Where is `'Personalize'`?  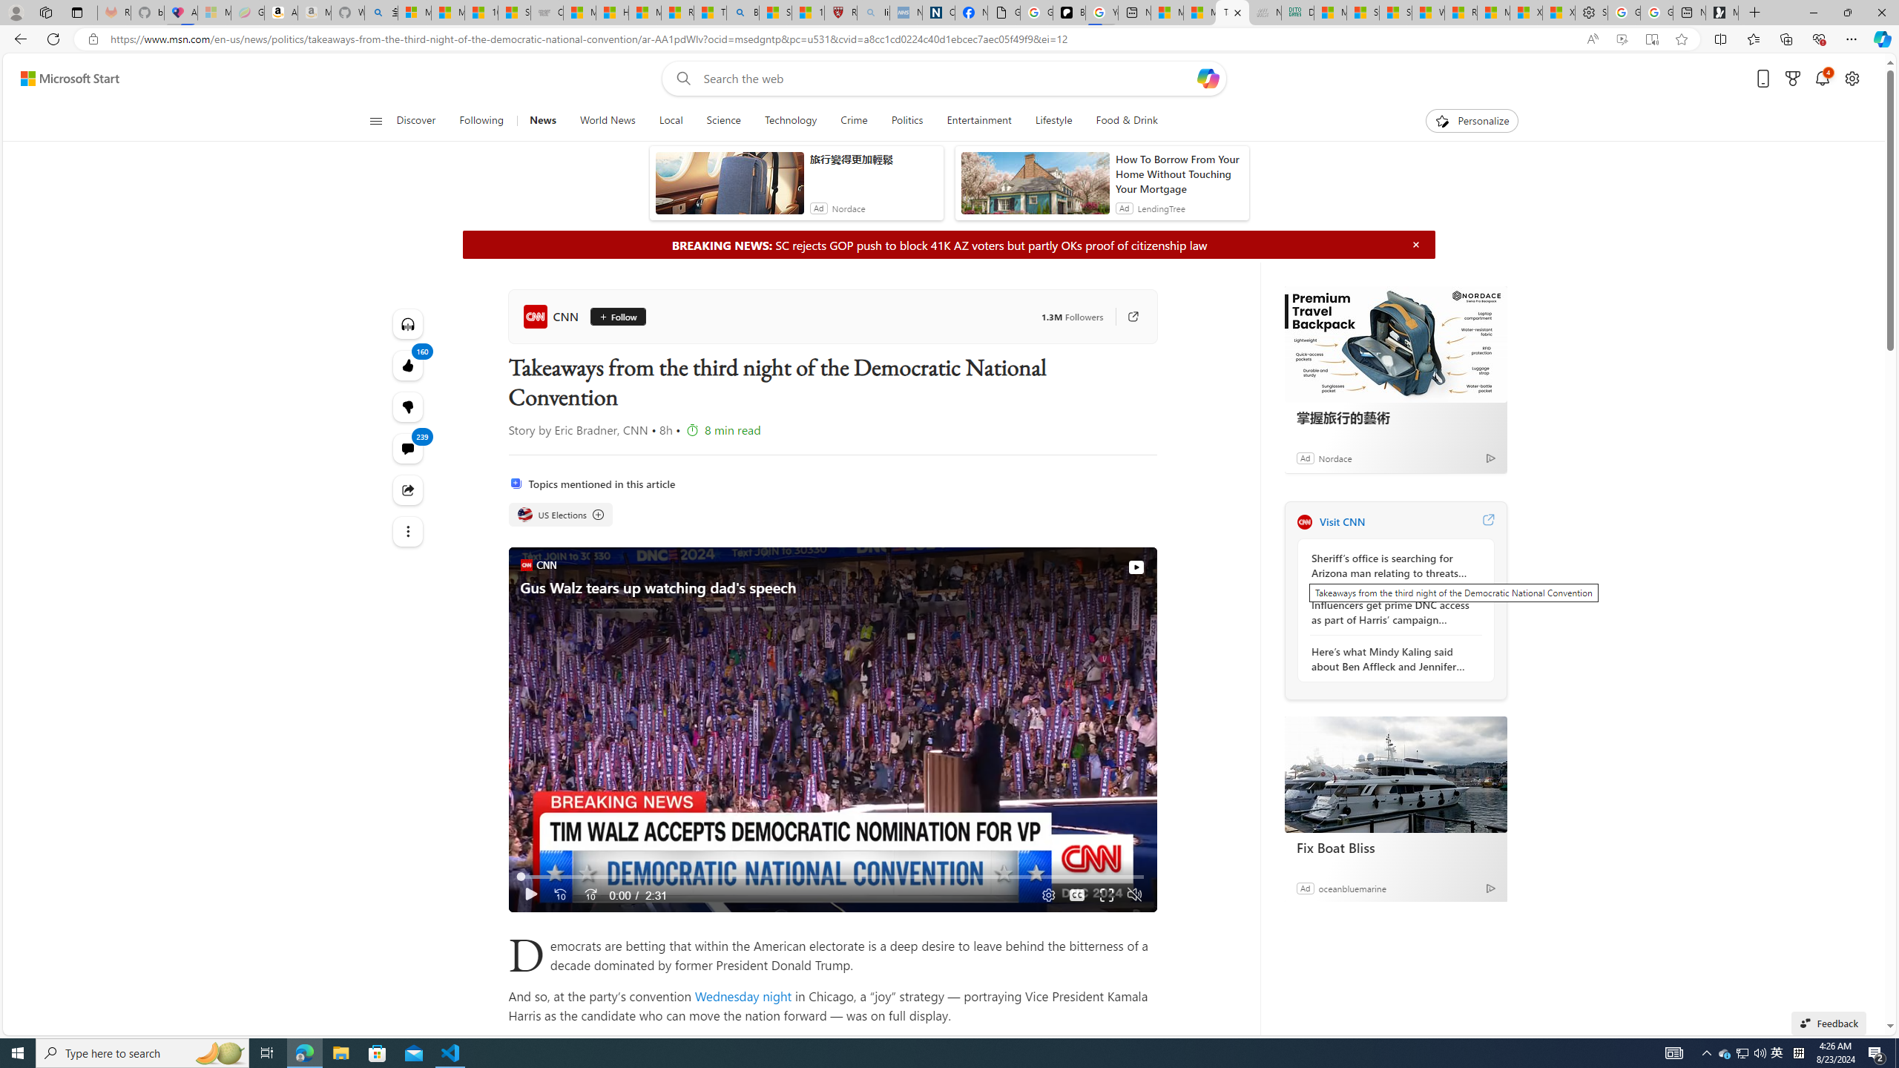 'Personalize' is located at coordinates (1472, 120).